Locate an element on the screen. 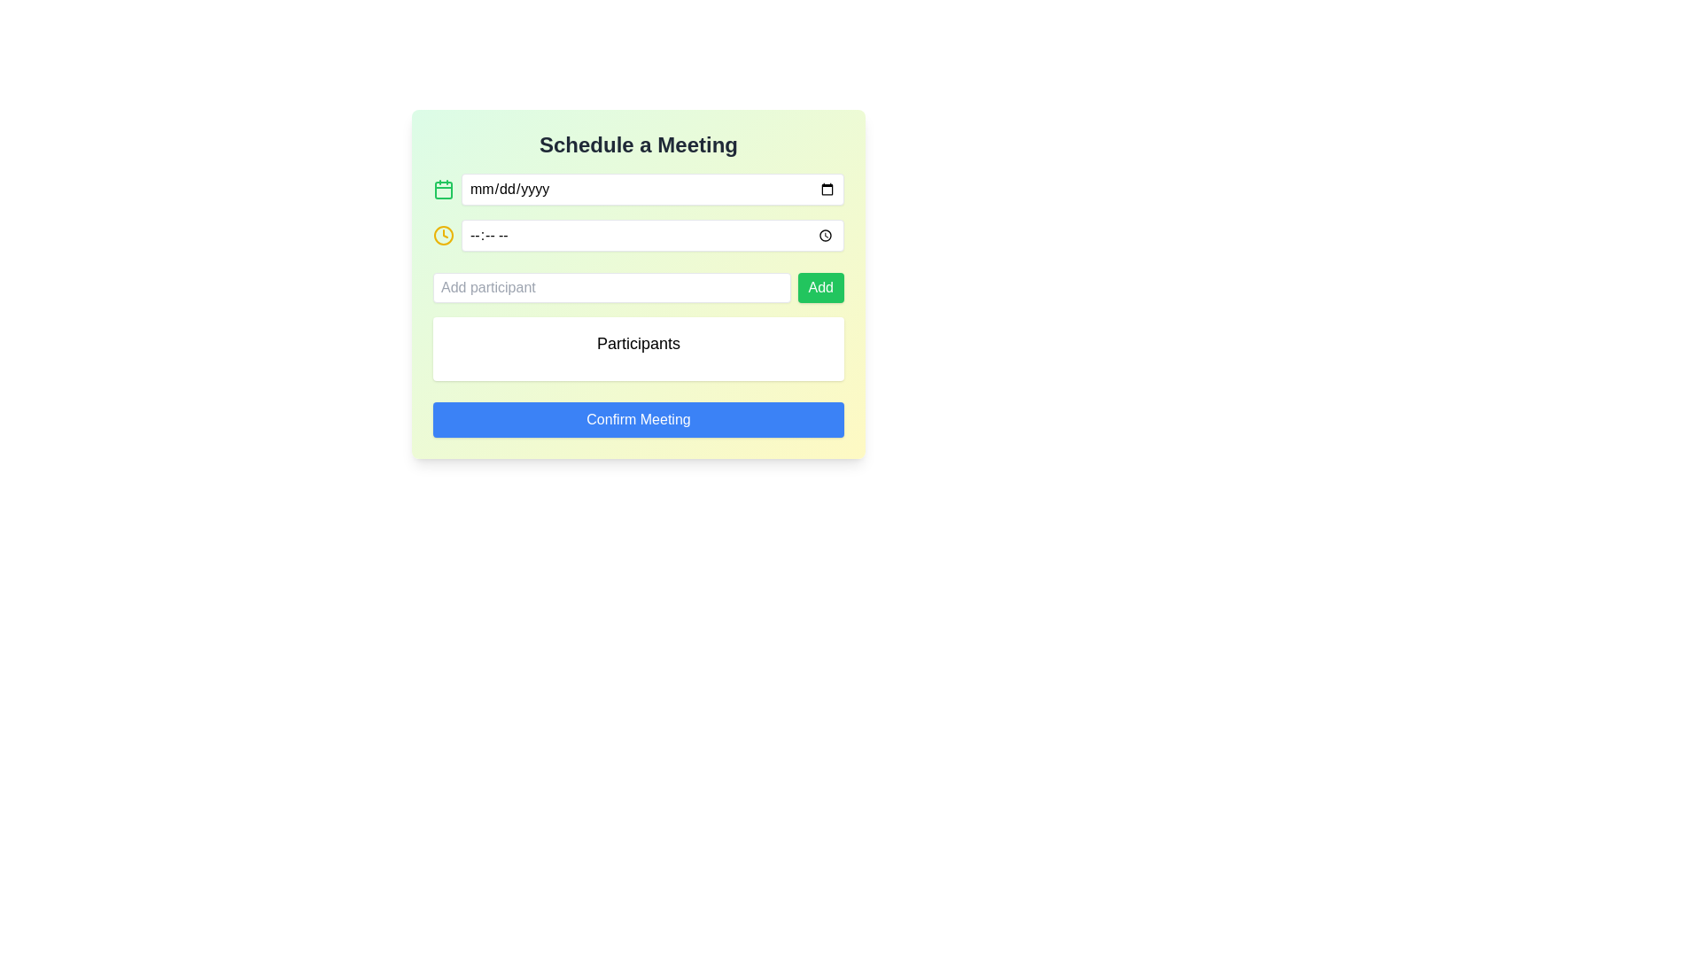  the section for adding participants to a meeting, located within the 'Schedule a Meeting' modal, positioned between the time selection input and the 'Confirm Meeting' button is located at coordinates (638, 327).